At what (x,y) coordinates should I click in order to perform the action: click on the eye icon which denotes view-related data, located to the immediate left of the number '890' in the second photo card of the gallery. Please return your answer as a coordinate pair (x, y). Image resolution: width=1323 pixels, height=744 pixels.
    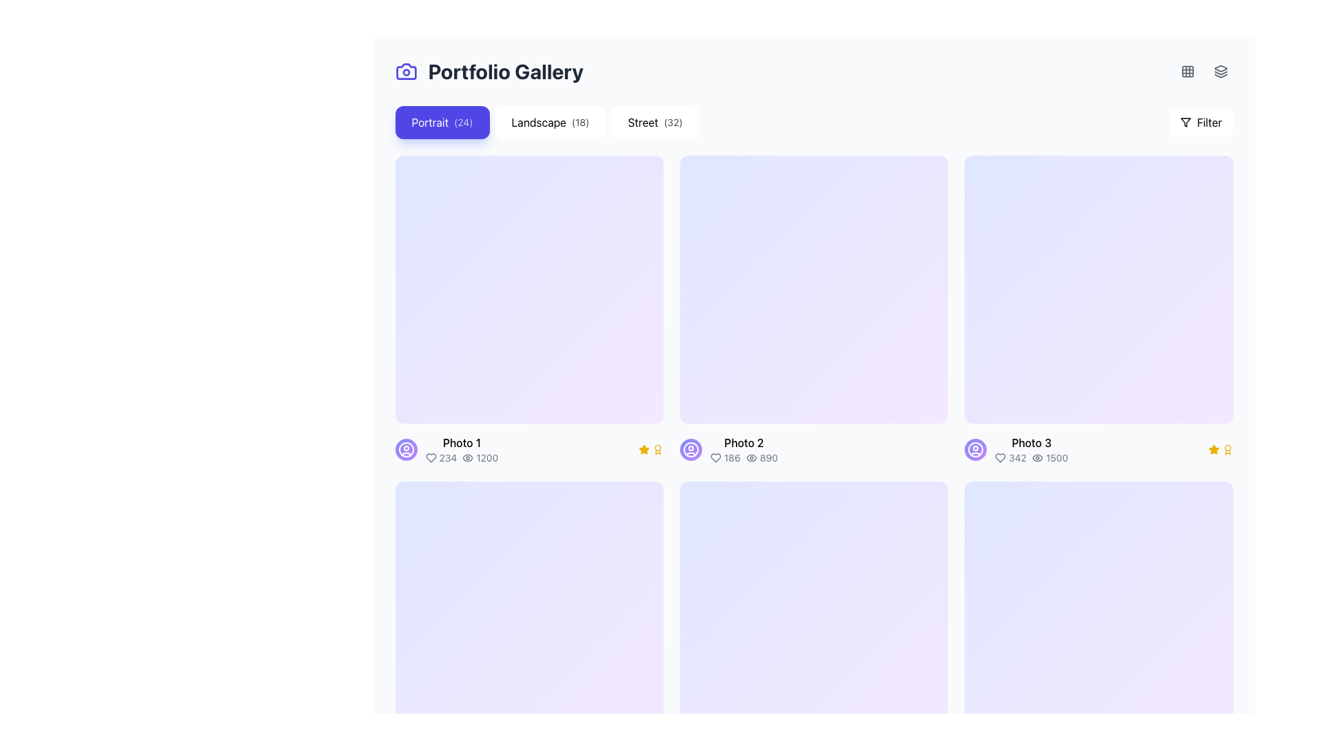
    Looking at the image, I should click on (750, 458).